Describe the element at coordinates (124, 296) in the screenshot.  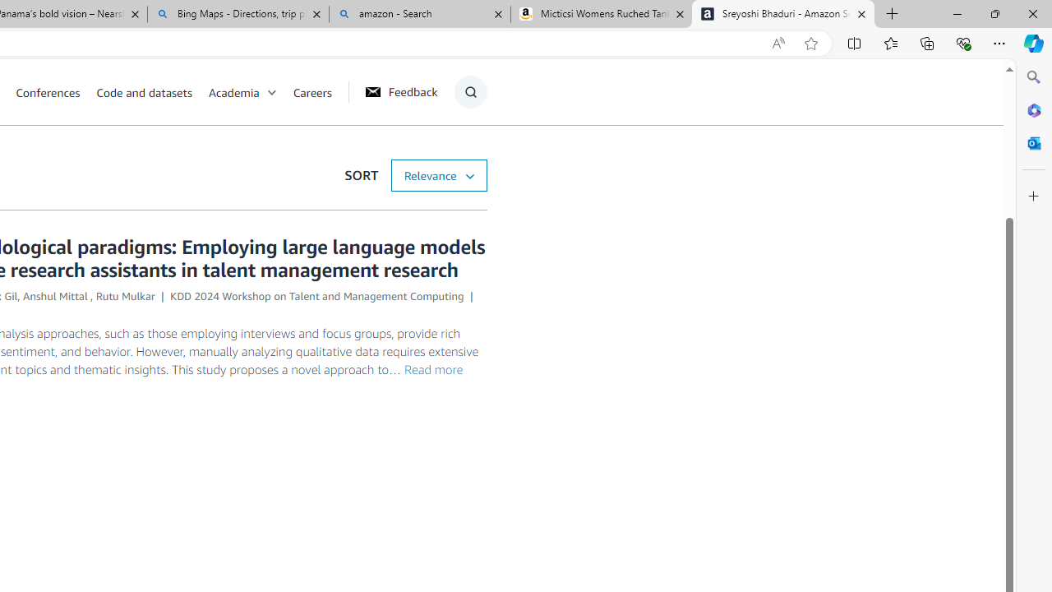
I see `'Rutu Mulkar'` at that location.